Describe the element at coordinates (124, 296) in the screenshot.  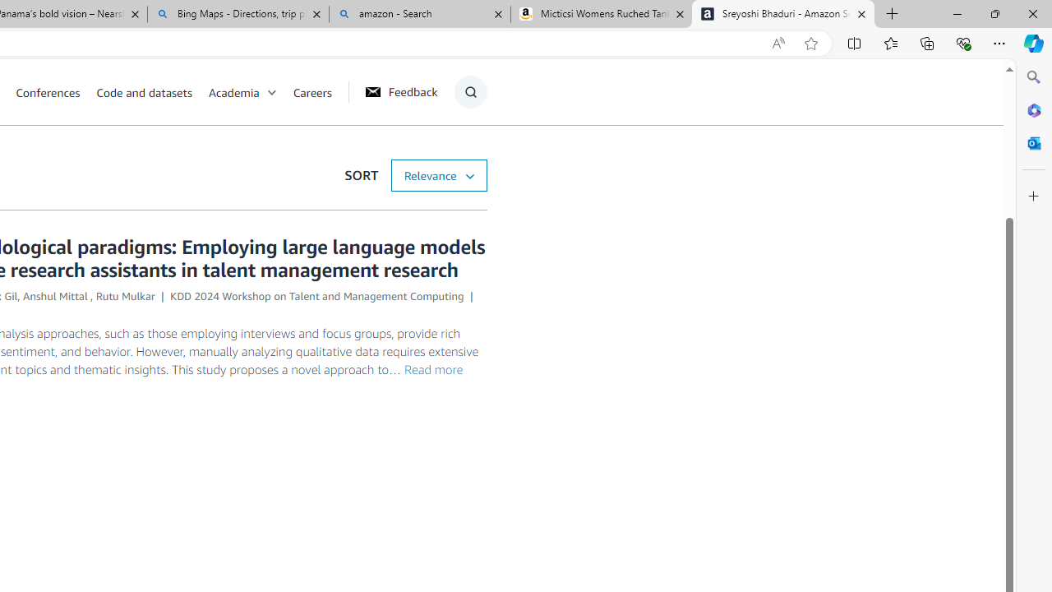
I see `'Rutu Mulkar'` at that location.